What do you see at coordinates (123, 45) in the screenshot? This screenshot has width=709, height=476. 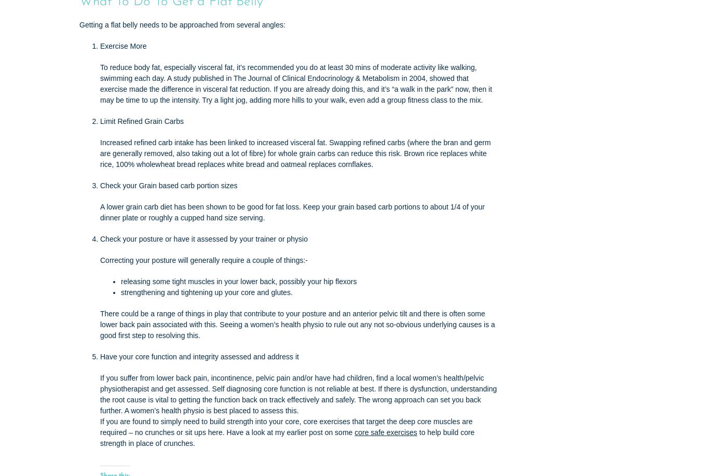 I see `'Exercise More'` at bounding box center [123, 45].